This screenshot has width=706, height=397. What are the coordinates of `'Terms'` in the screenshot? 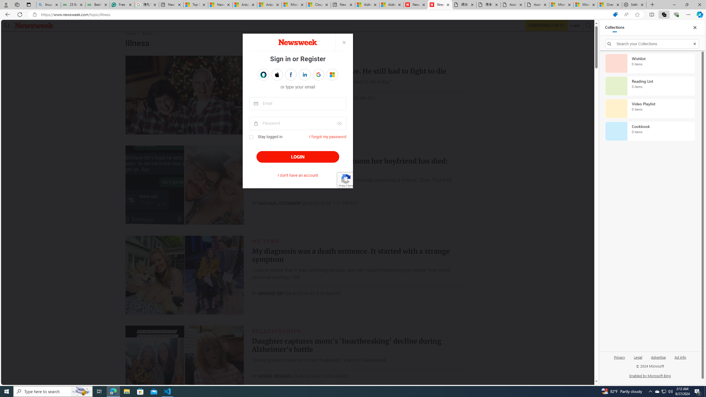 It's located at (349, 185).